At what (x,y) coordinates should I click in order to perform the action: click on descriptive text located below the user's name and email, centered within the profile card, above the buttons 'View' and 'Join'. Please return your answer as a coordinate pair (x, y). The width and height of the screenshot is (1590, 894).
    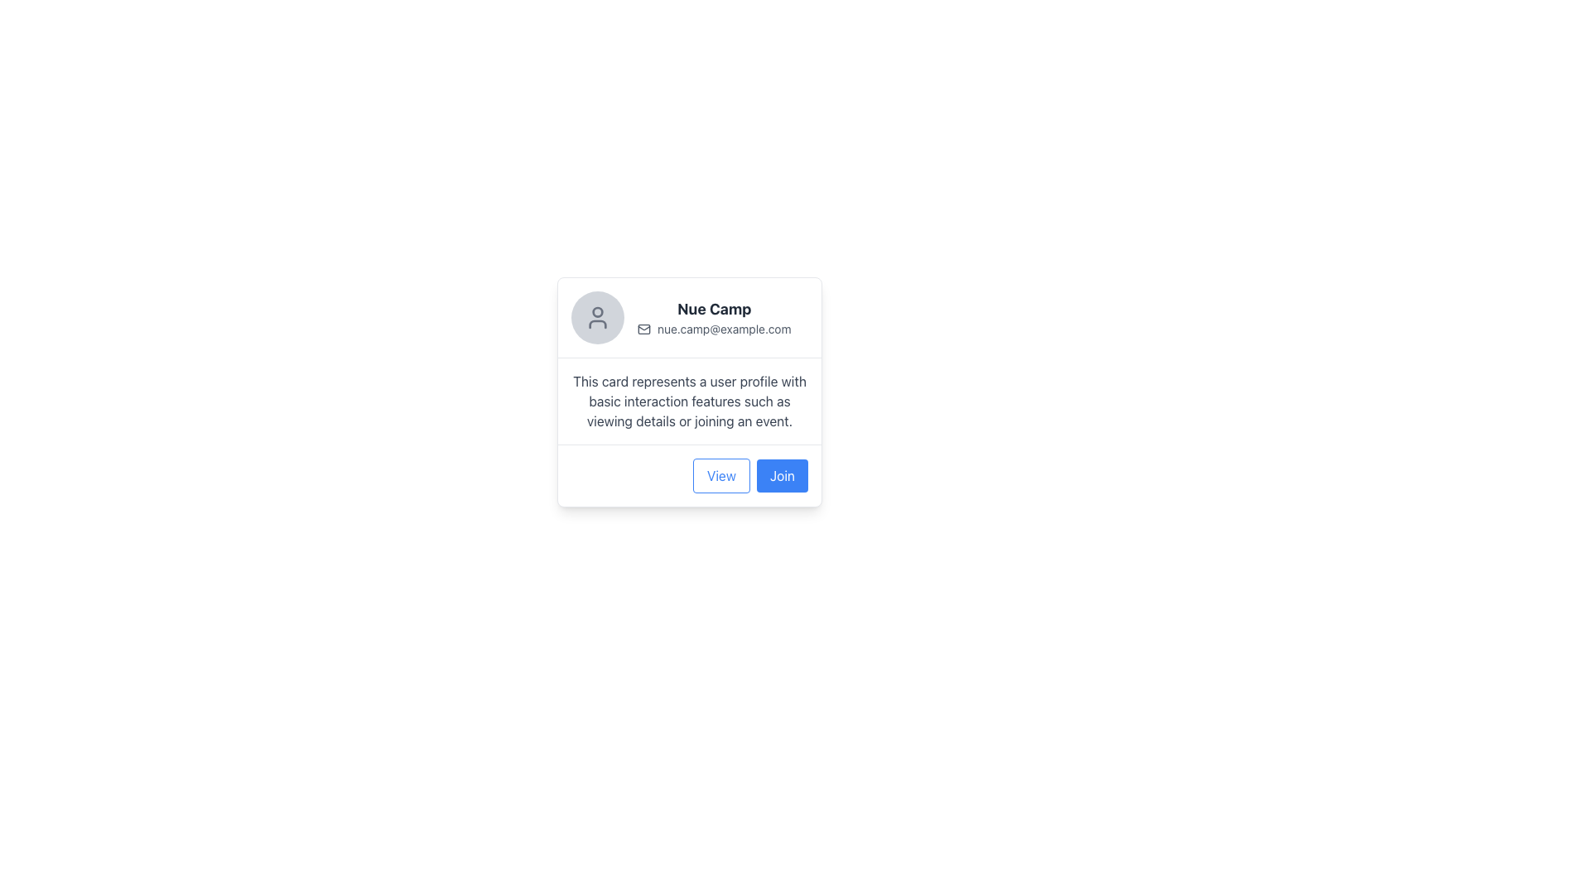
    Looking at the image, I should click on (690, 401).